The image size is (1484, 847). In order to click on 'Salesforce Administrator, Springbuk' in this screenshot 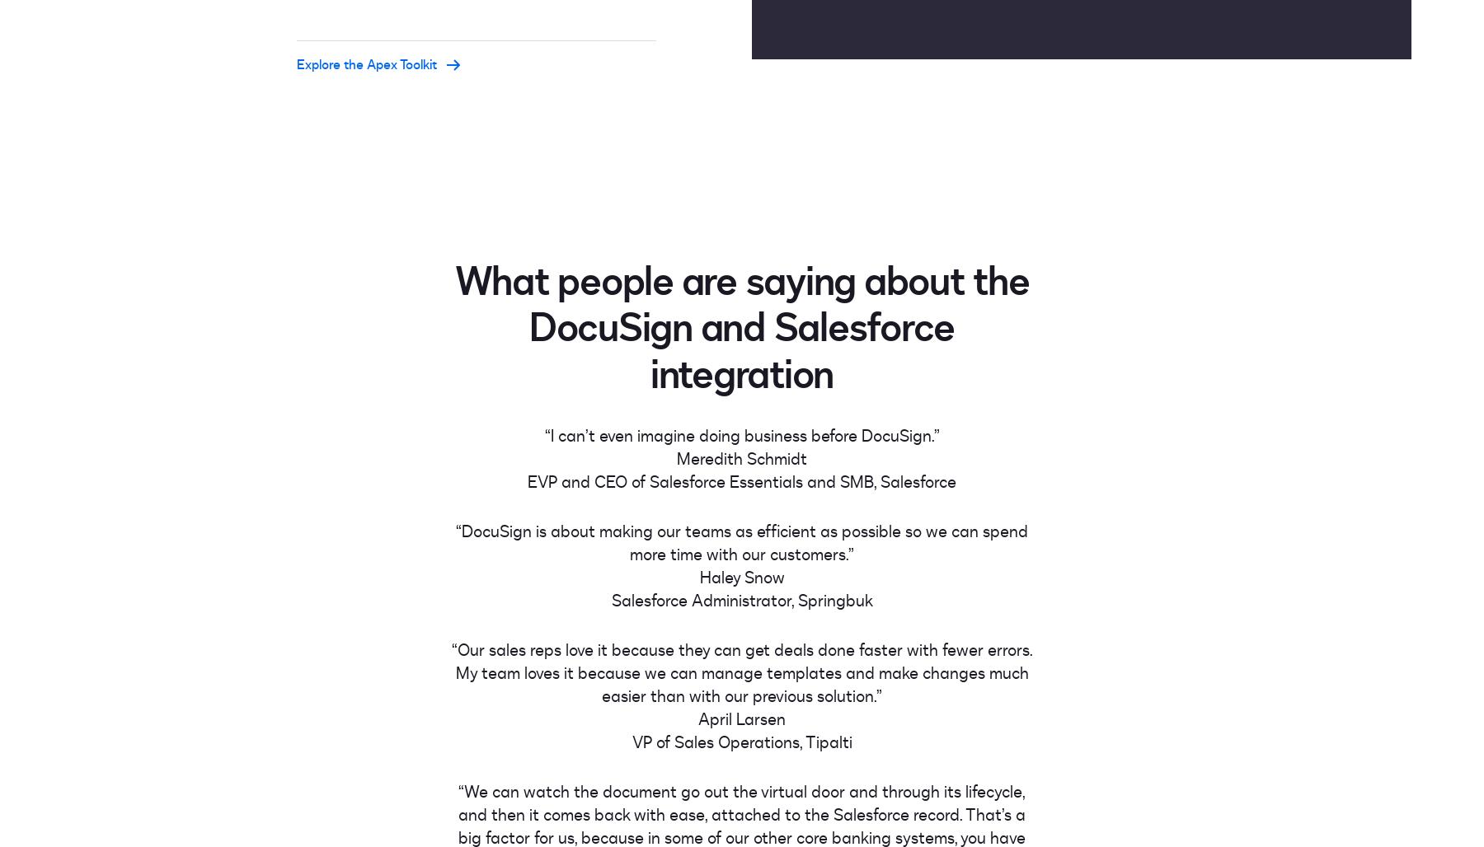, I will do `click(741, 599)`.